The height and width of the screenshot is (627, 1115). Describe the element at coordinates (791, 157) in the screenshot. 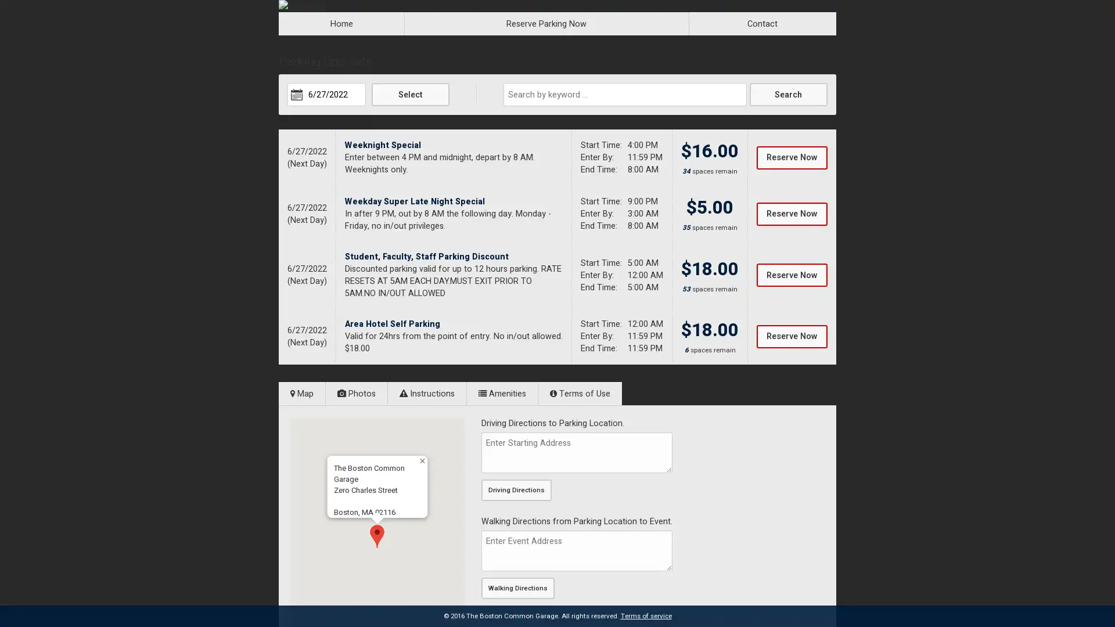

I see `Reserve Now` at that location.